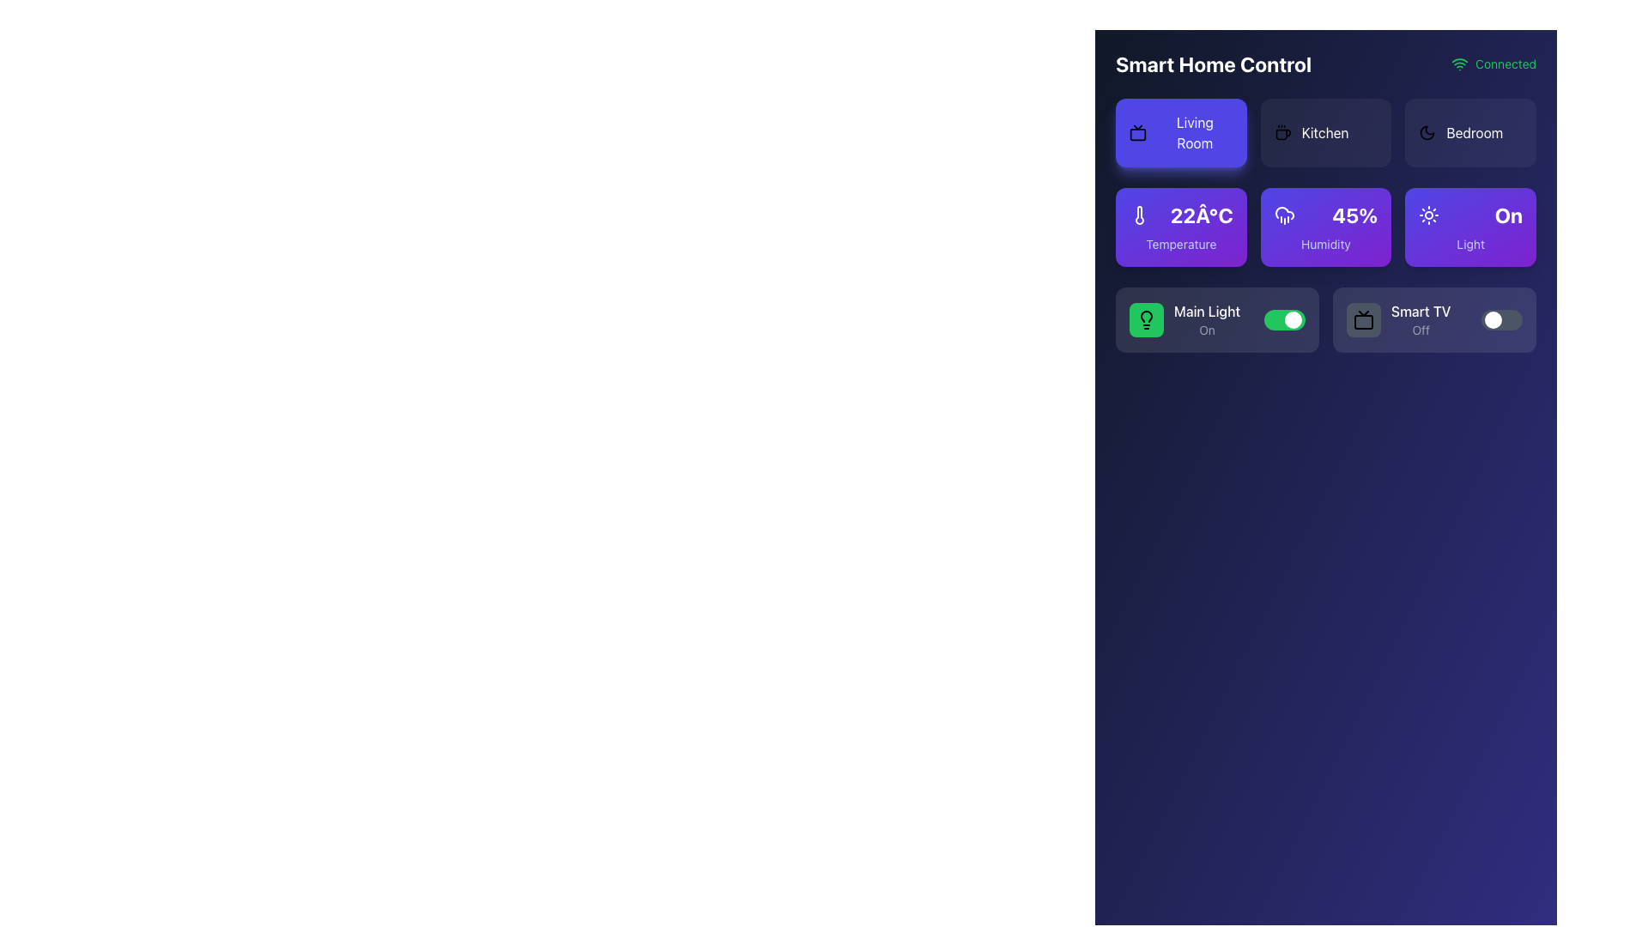 This screenshot has width=1648, height=927. Describe the element at coordinates (1325, 270) in the screenshot. I see `the information display panel consisting of three sections with environmental metrics, located in the center of the 'Smart Home Control' section` at that location.